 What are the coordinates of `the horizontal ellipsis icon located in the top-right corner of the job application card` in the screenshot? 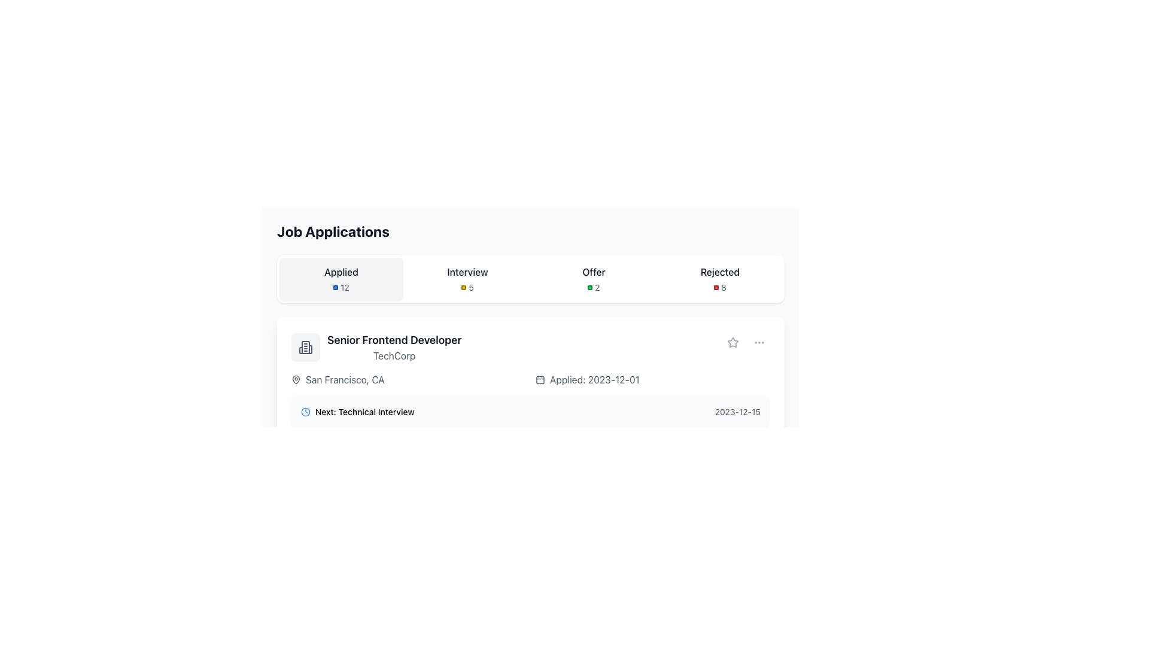 It's located at (758, 343).